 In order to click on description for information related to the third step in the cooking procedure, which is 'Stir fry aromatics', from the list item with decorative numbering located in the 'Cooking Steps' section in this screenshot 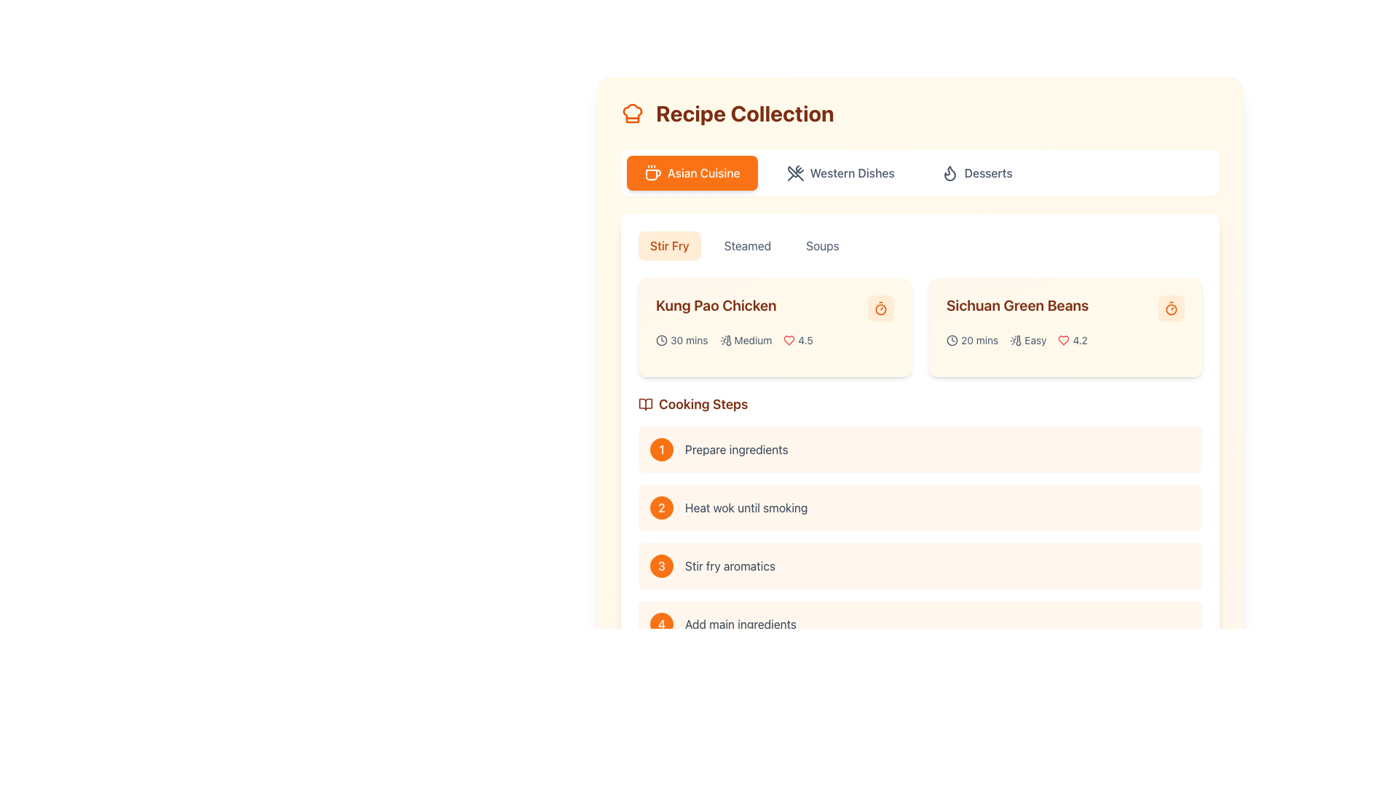, I will do `click(919, 550)`.